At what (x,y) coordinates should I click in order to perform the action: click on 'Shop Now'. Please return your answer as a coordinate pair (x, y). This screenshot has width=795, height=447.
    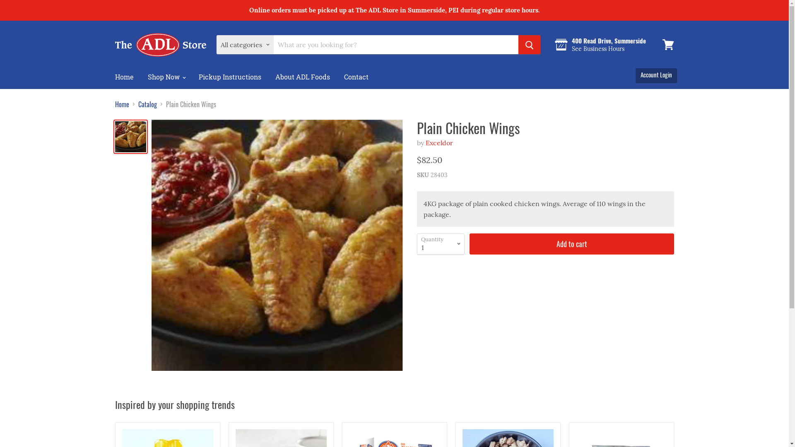
    Looking at the image, I should click on (141, 77).